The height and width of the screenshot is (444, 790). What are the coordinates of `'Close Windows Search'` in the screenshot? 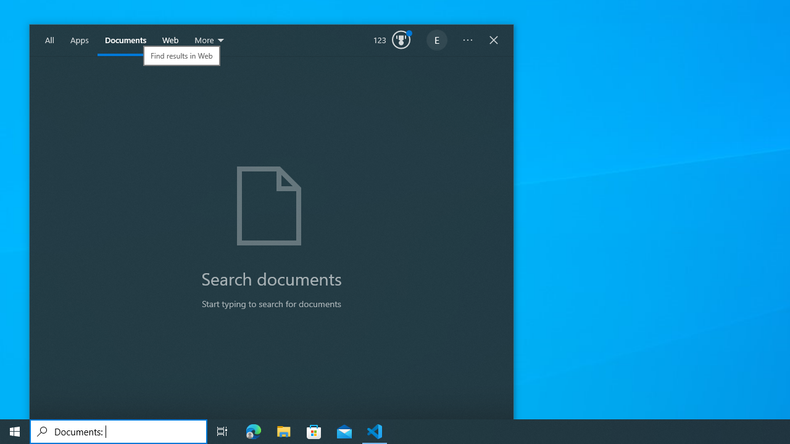 It's located at (494, 40).